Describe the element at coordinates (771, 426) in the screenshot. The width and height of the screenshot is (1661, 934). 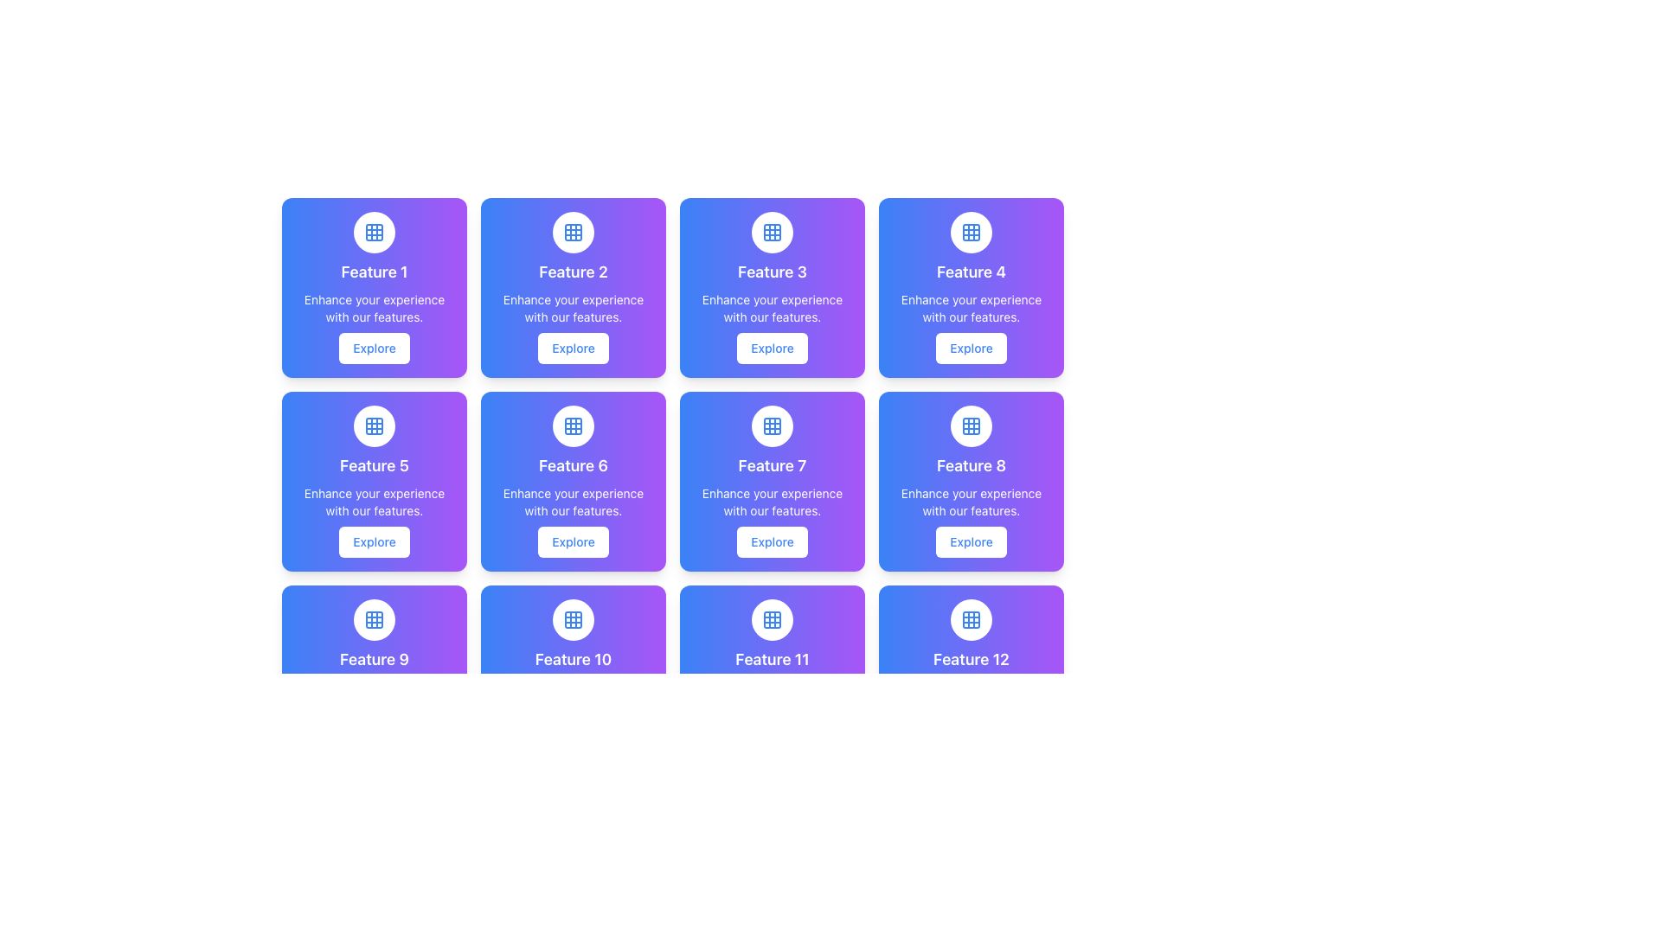
I see `the icon representing 'Feature 7' located at the top of the card in the middle row of the grid` at that location.